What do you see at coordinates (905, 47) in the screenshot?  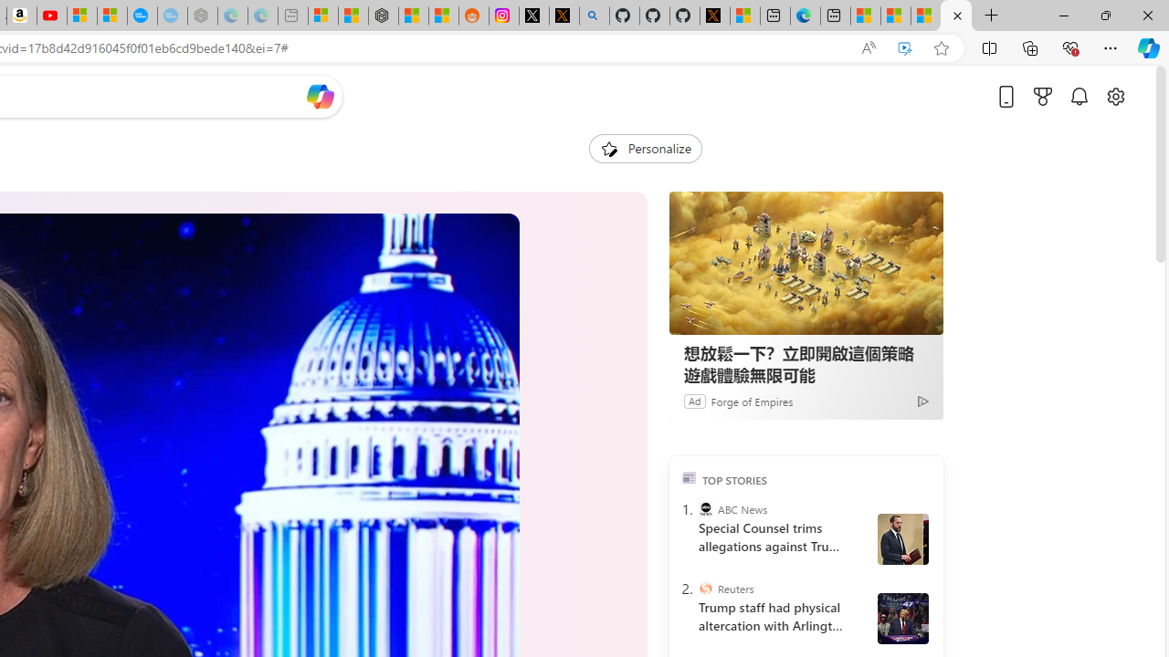 I see `'Enhance video'` at bounding box center [905, 47].